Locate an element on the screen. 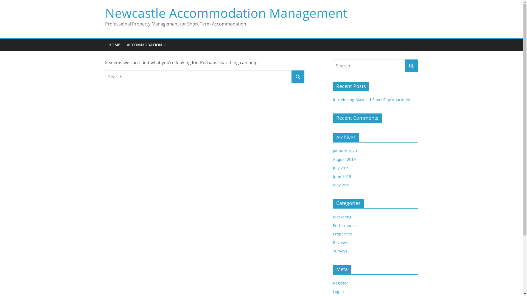 The height and width of the screenshot is (296, 527). 'June 2019' is located at coordinates (341, 176).